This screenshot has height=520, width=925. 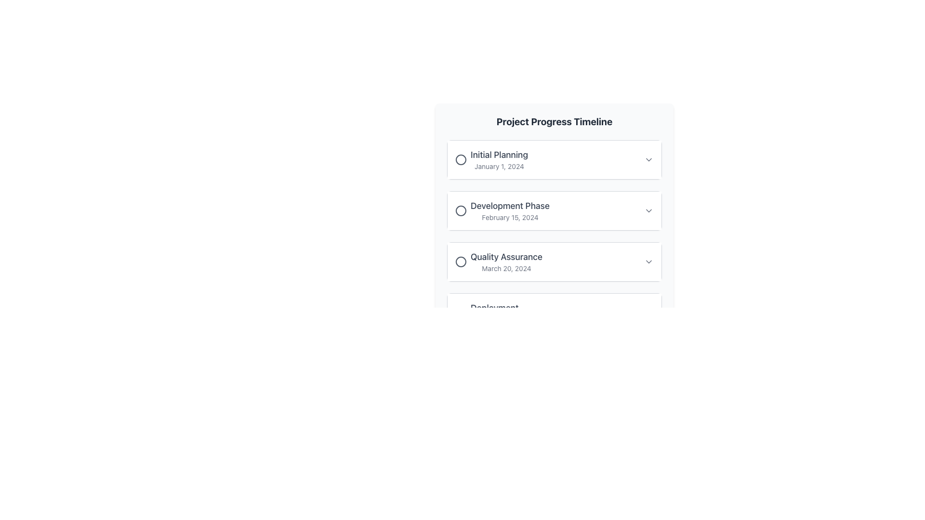 What do you see at coordinates (506, 256) in the screenshot?
I see `the 'Quality Assurance' text label in the Project Progress Timeline, which is positioned between 'Development Phase' and 'Deployment'` at bounding box center [506, 256].